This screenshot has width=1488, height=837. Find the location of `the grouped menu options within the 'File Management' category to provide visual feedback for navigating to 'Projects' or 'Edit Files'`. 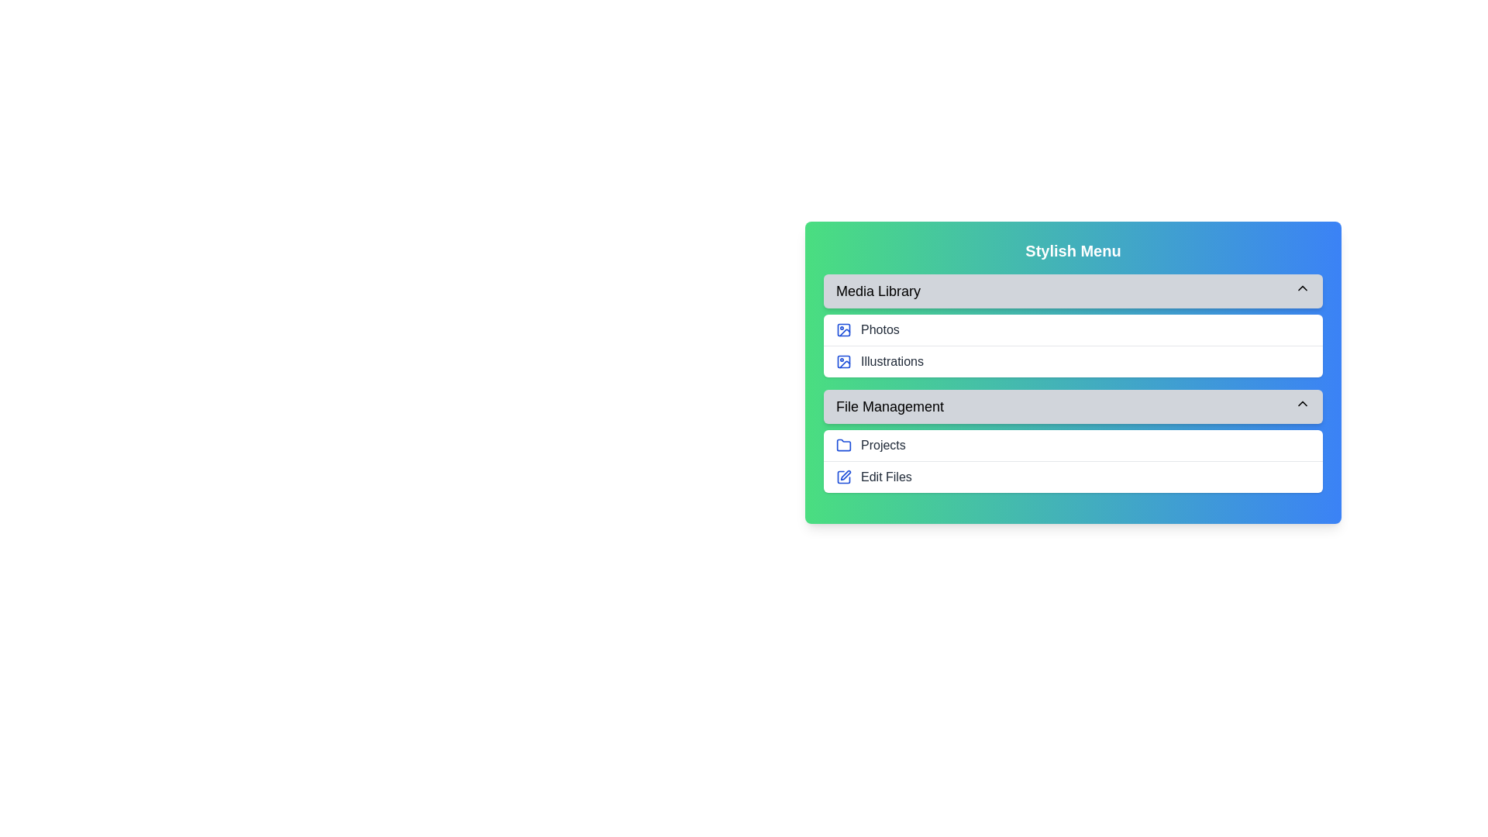

the grouped menu options within the 'File Management' category to provide visual feedback for navigating to 'Projects' or 'Edit Files' is located at coordinates (1073, 460).